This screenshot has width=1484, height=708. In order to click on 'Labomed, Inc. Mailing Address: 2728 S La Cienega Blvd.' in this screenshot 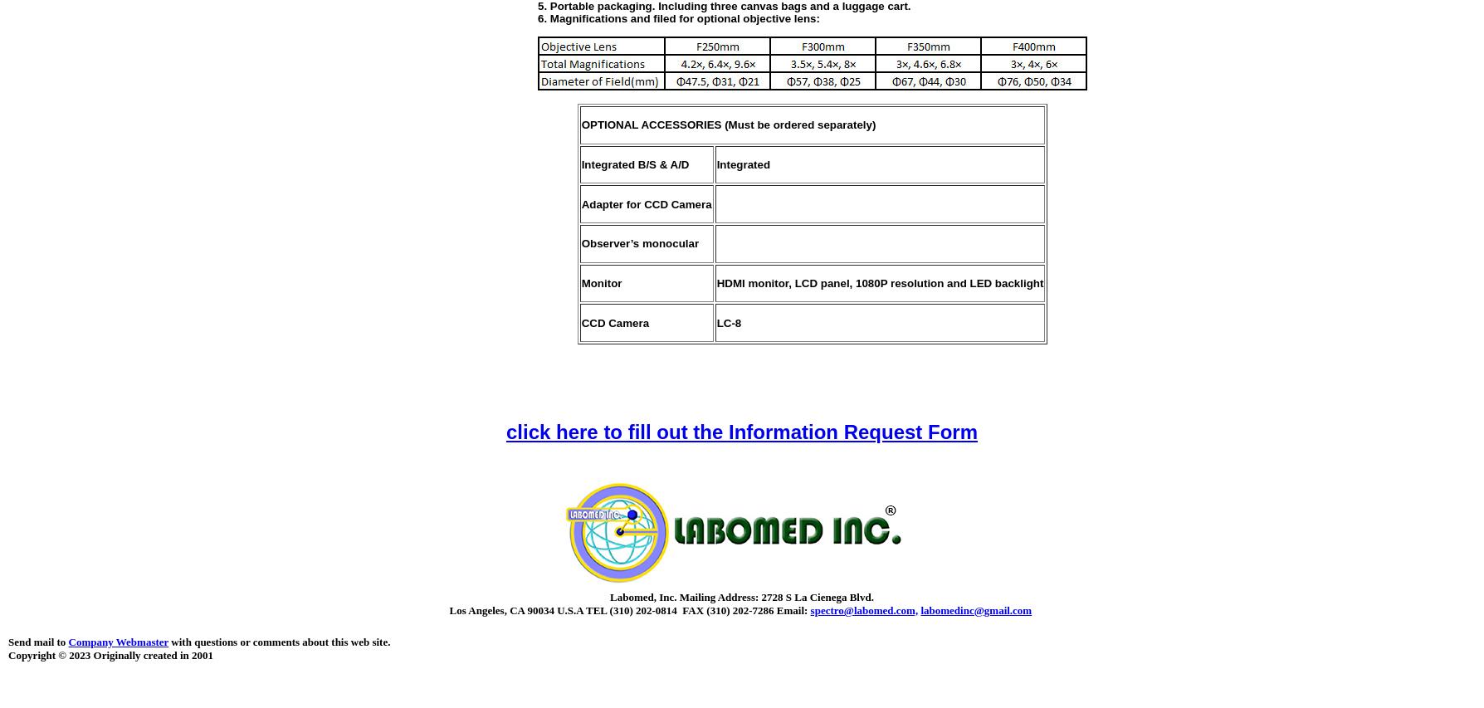, I will do `click(740, 596)`.